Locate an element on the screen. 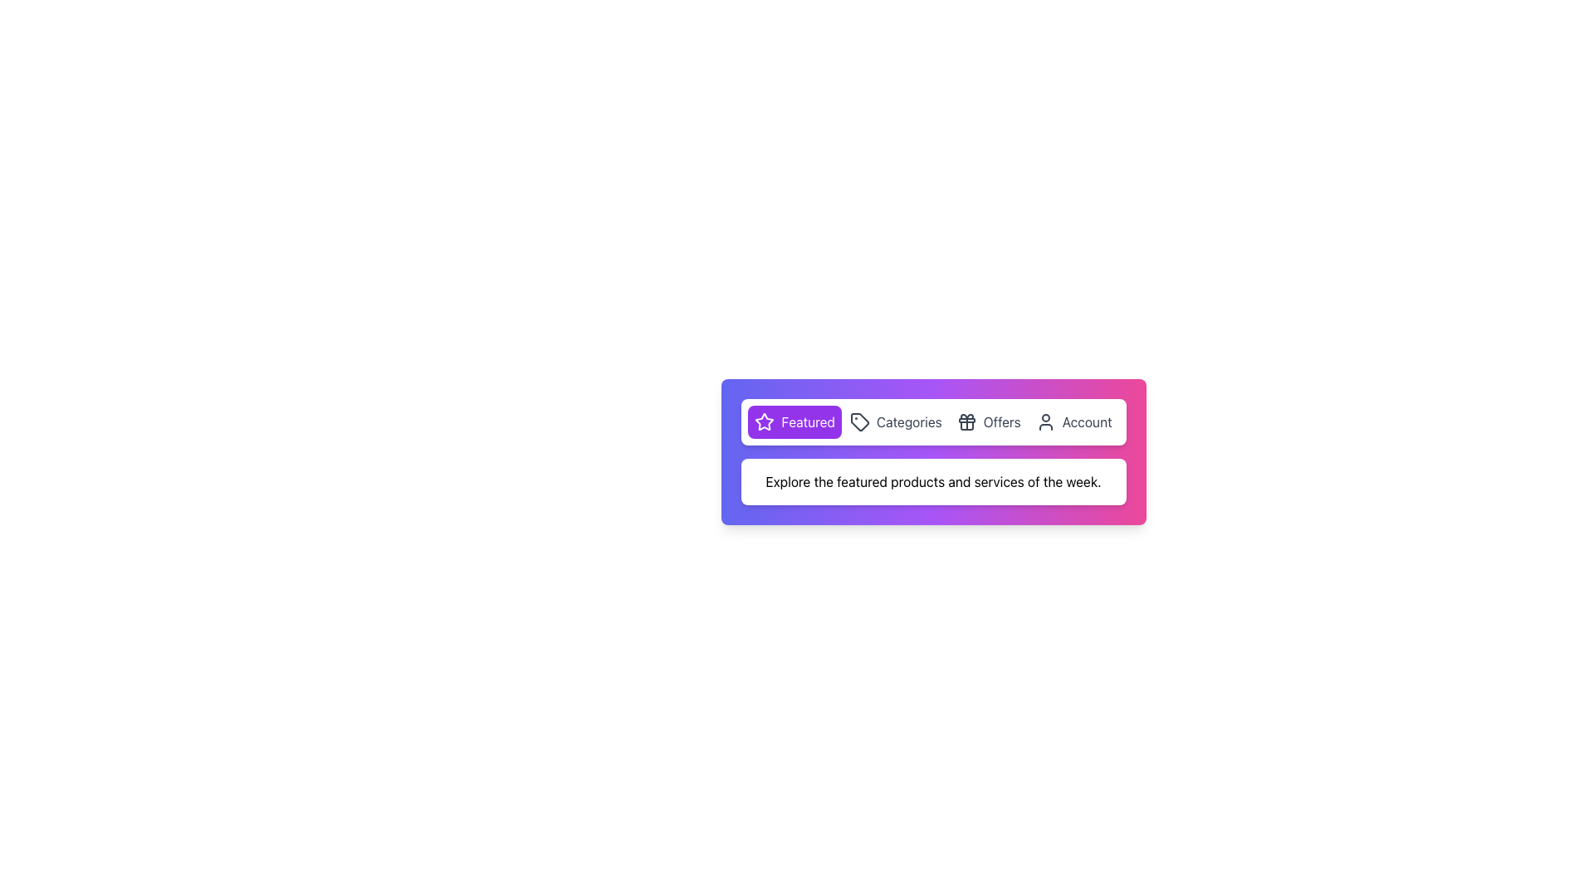  the 'Categories' button, which is the second button in a row of four, featuring a price tag icon and neutral gray text is located at coordinates (895, 421).